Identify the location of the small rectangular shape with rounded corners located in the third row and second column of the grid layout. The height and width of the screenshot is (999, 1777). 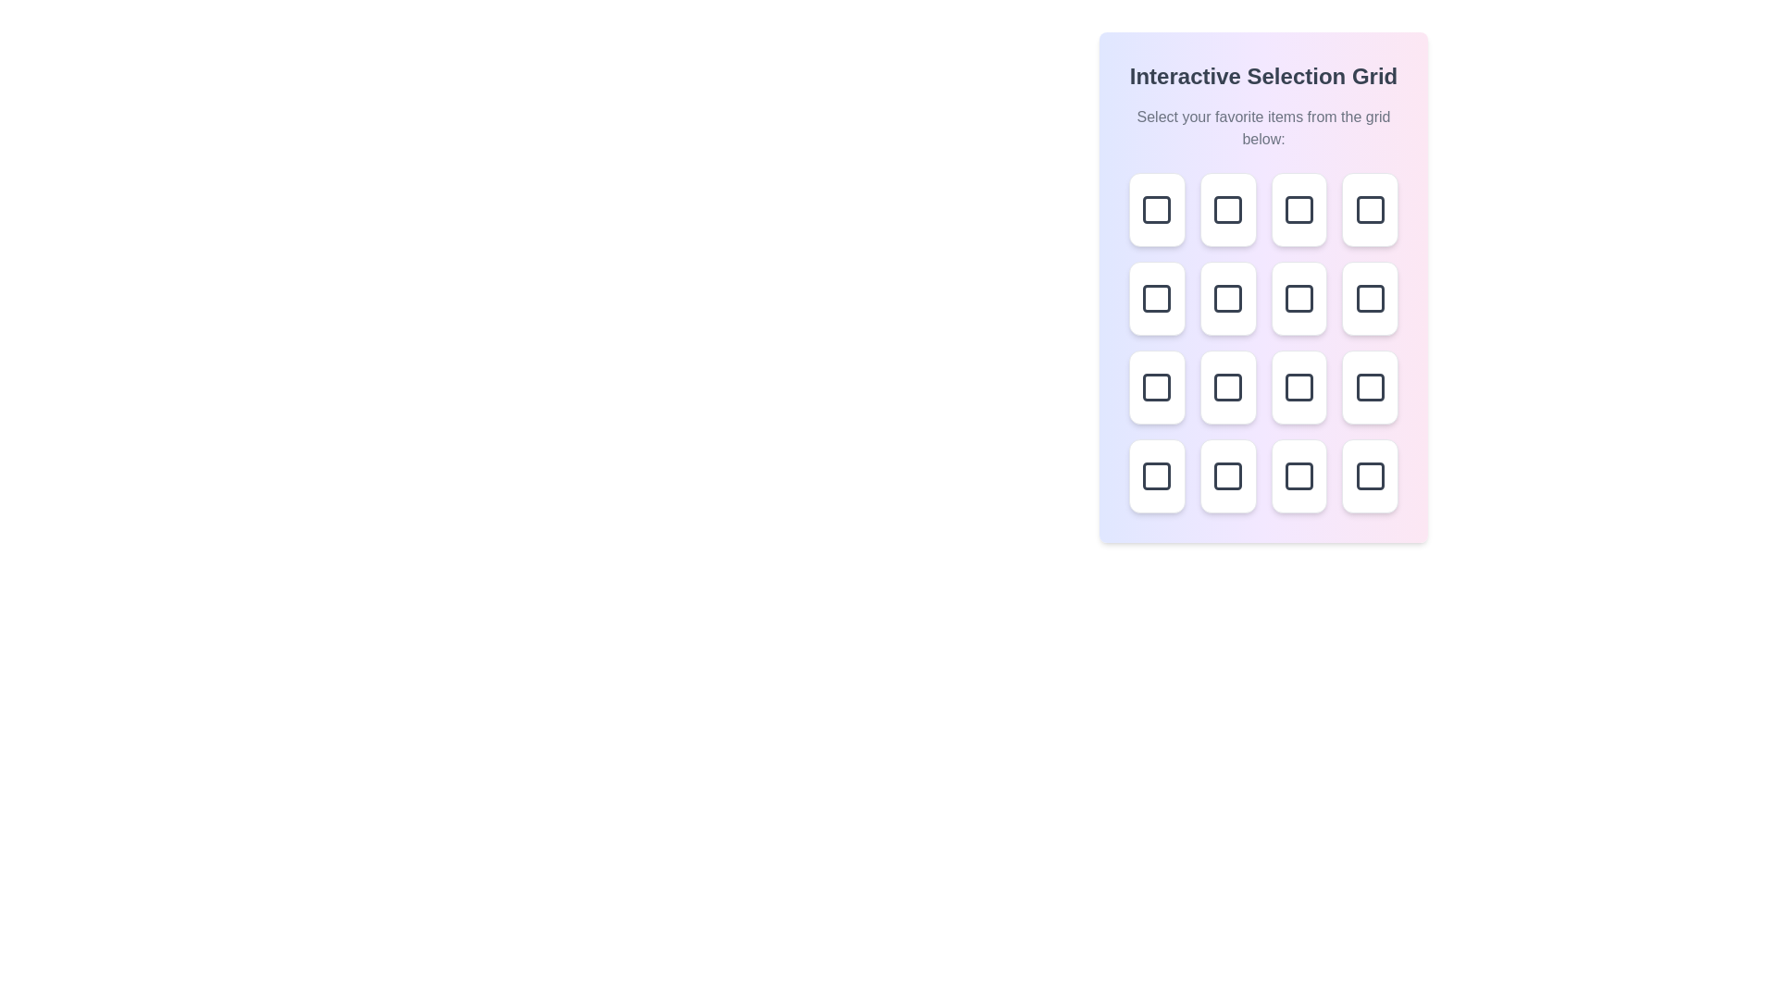
(1298, 298).